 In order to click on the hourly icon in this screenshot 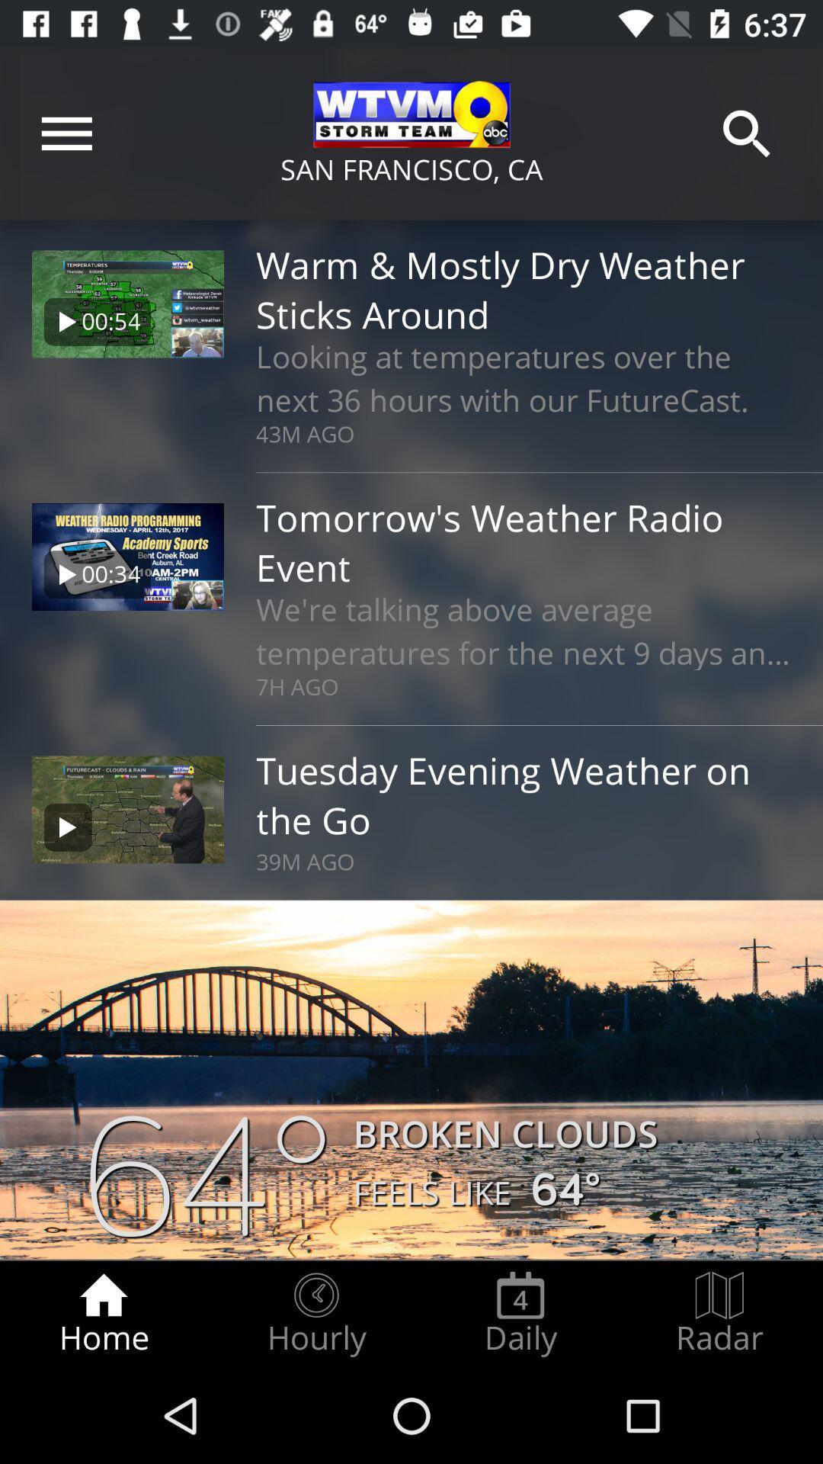, I will do `click(315, 1313)`.